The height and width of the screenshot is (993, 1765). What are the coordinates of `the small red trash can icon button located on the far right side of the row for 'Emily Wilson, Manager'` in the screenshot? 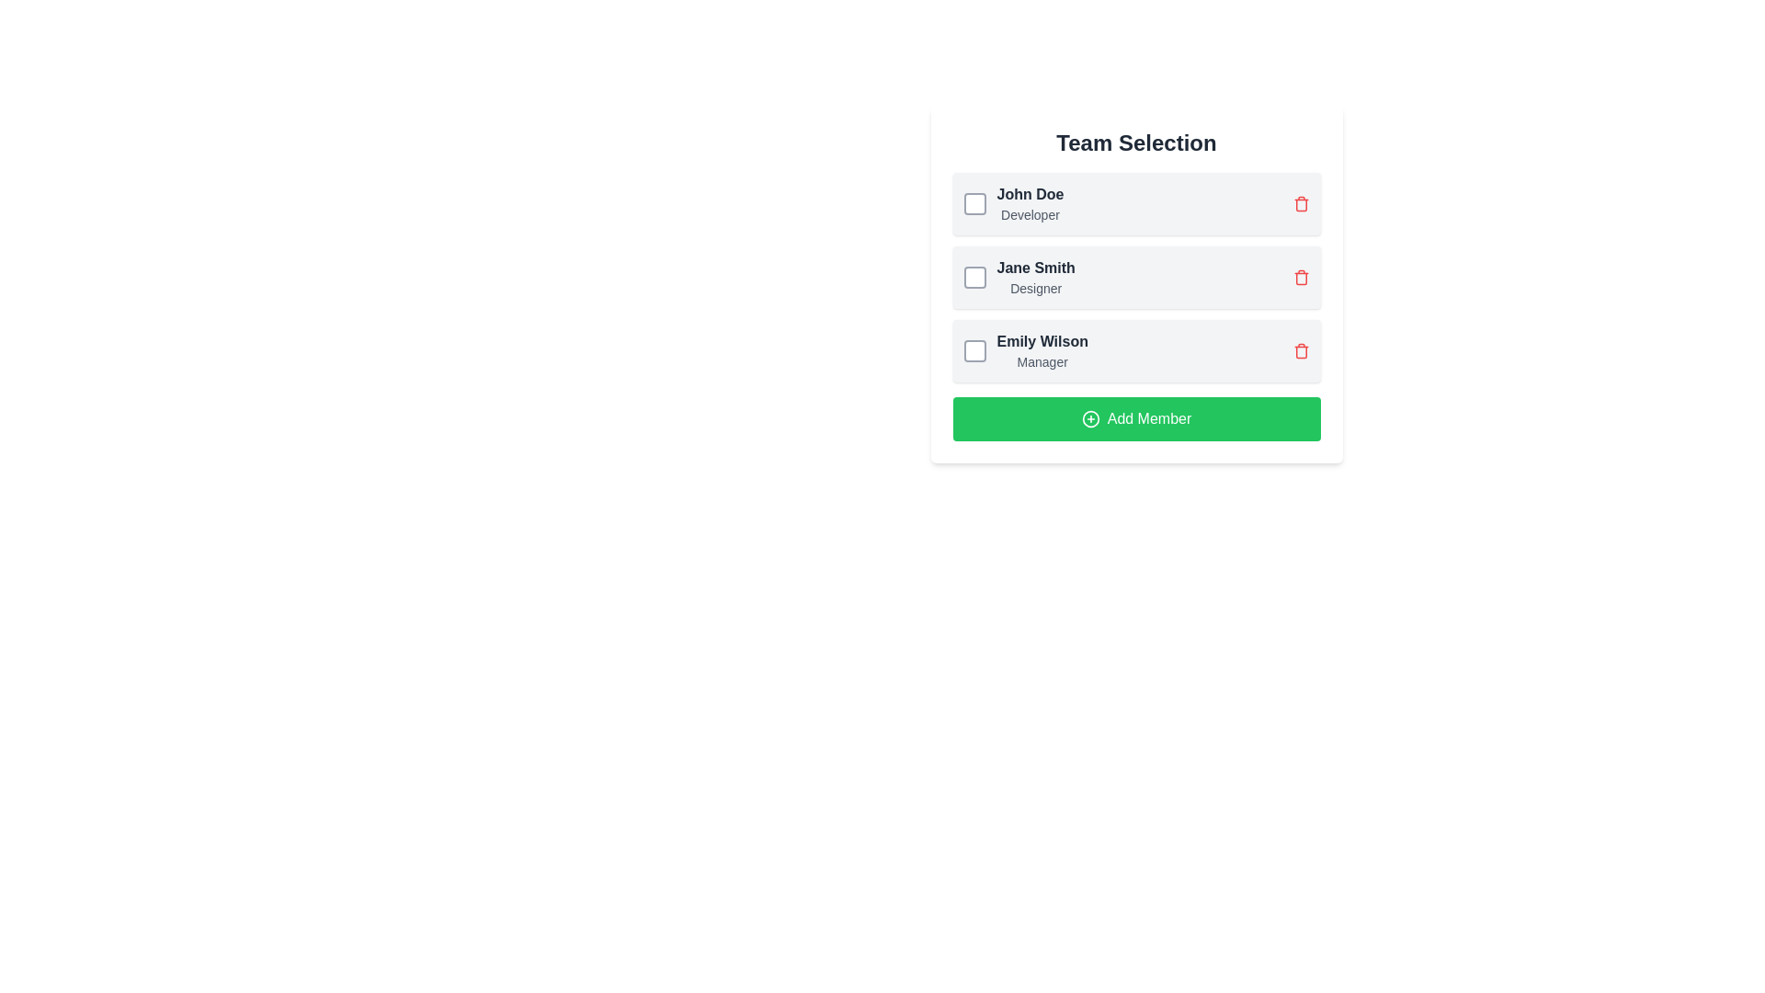 It's located at (1300, 350).